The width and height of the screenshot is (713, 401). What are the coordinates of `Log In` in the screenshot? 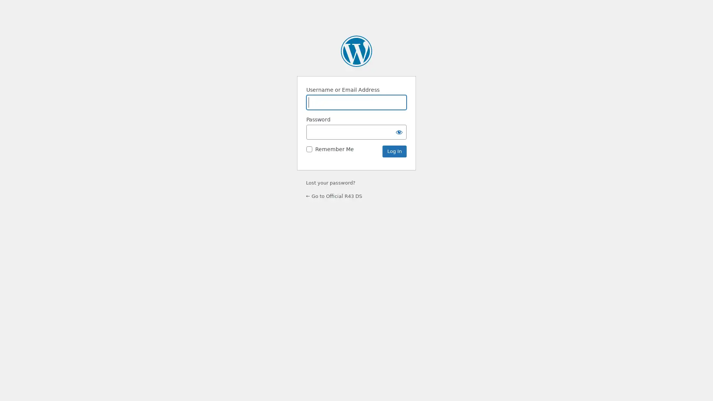 It's located at (394, 151).